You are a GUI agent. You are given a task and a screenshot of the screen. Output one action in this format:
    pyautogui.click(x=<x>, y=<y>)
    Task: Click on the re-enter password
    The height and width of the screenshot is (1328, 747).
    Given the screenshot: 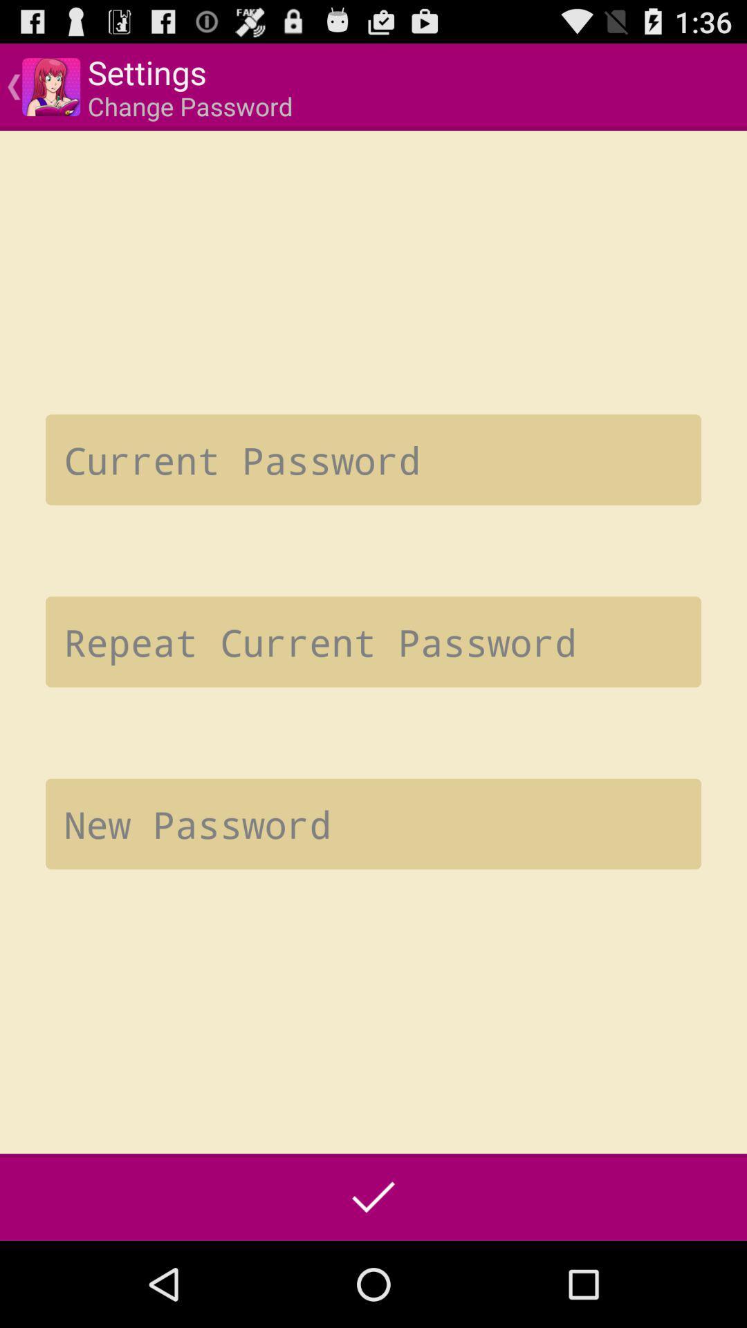 What is the action you would take?
    pyautogui.click(x=373, y=641)
    